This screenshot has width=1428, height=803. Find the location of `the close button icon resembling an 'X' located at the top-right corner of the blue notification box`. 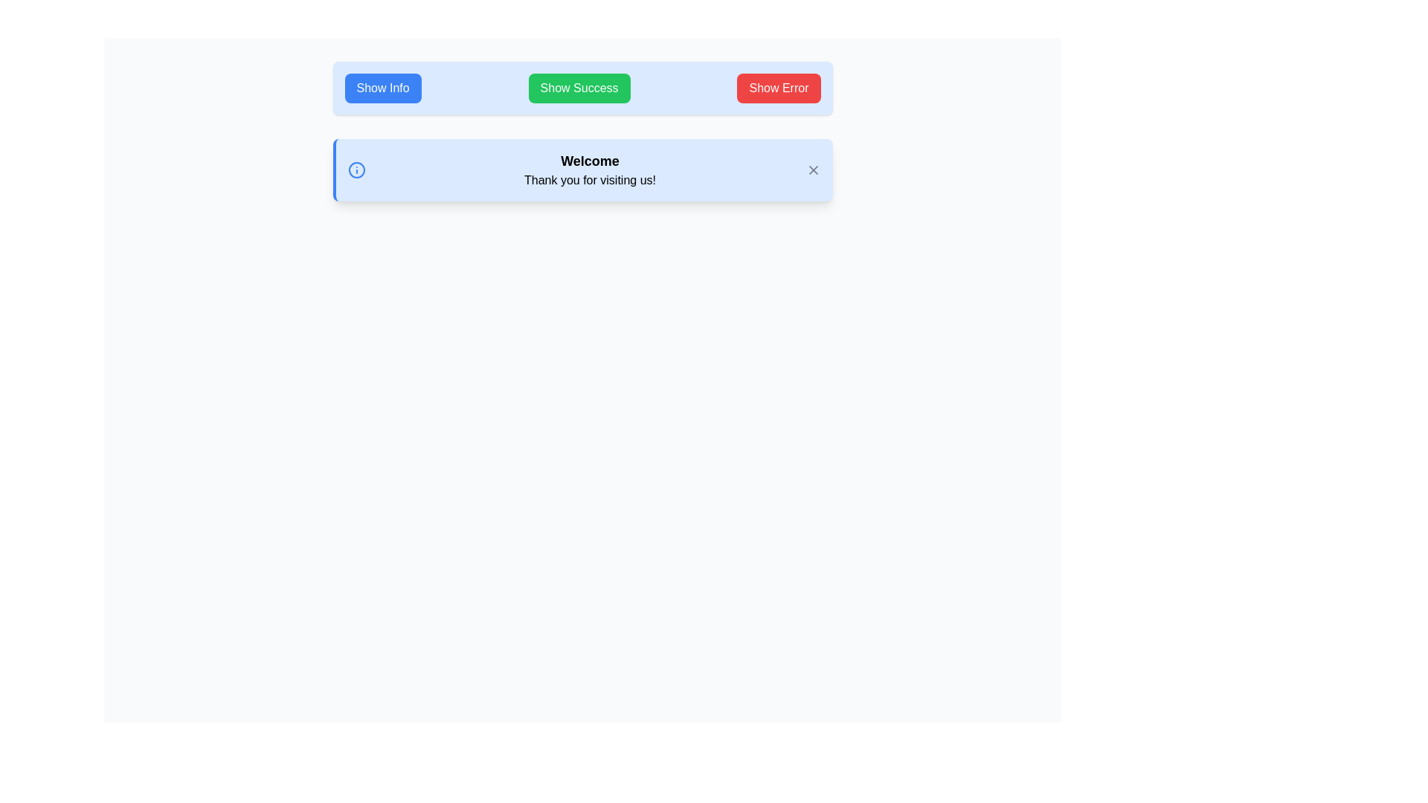

the close button icon resembling an 'X' located at the top-right corner of the blue notification box is located at coordinates (812, 169).